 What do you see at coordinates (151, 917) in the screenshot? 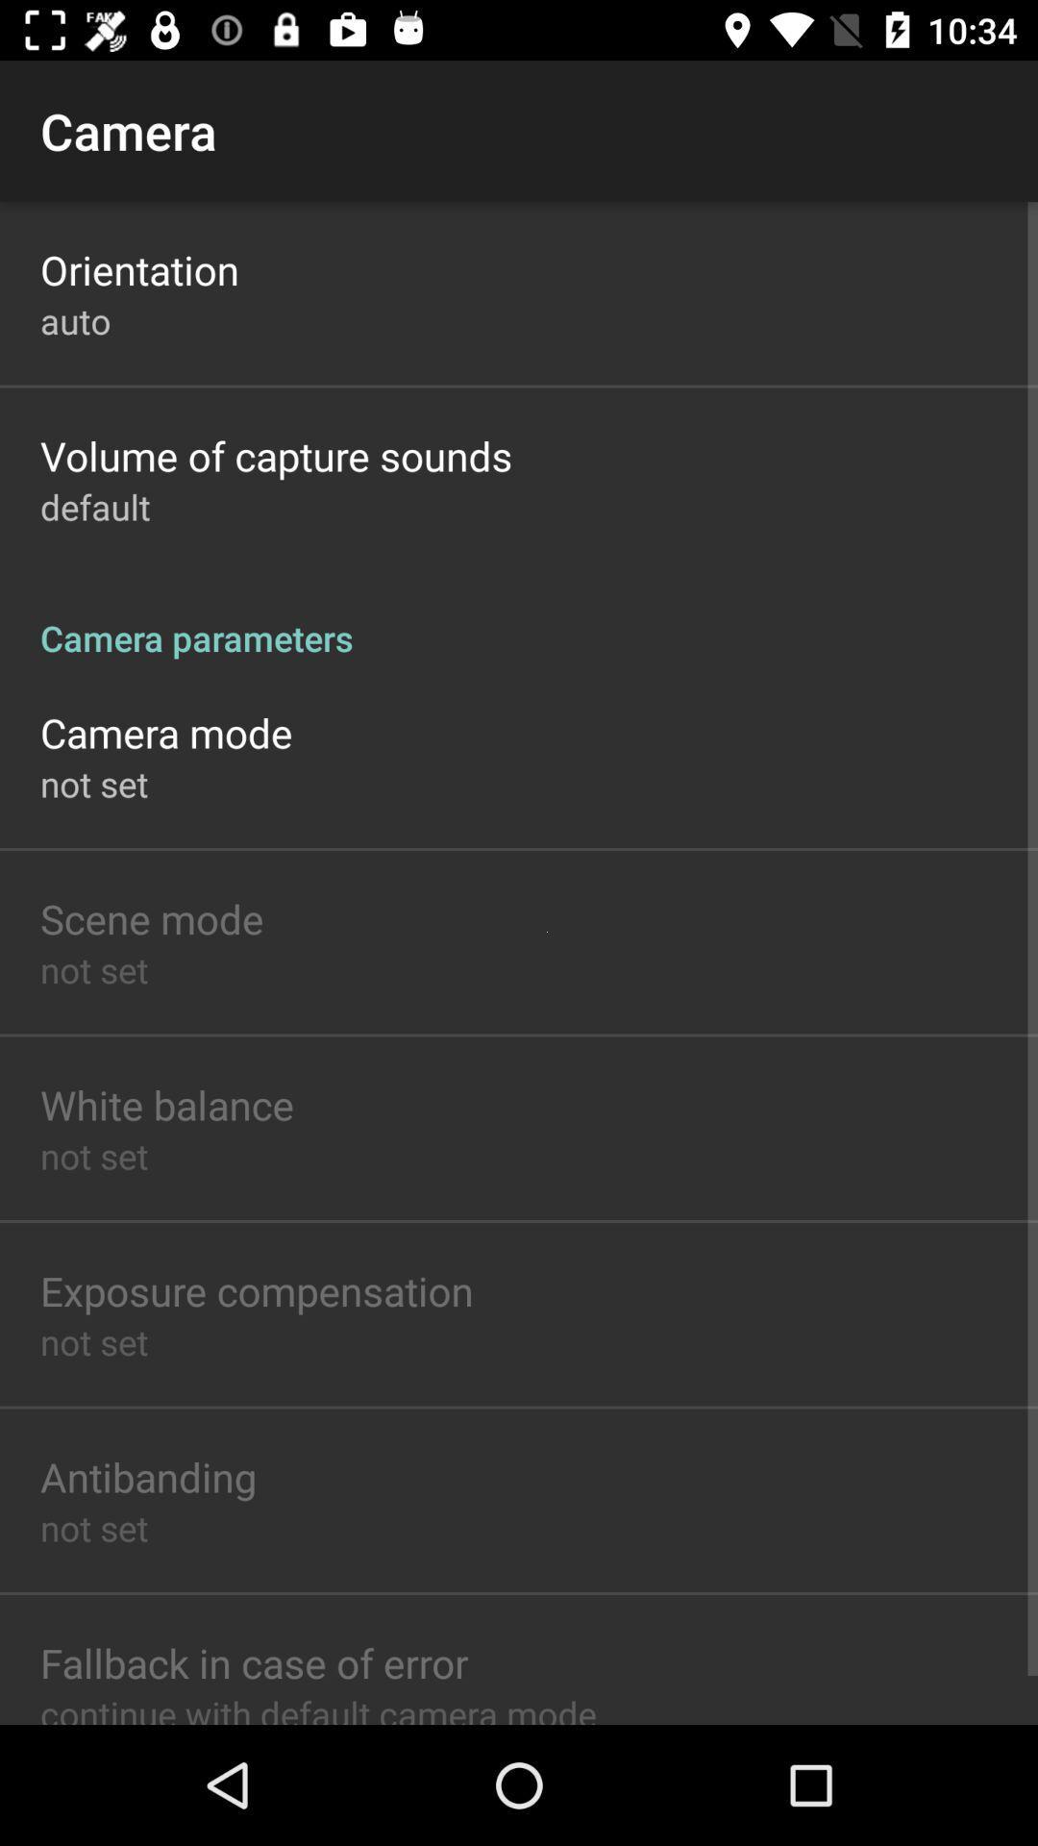
I see `app above not set app` at bounding box center [151, 917].